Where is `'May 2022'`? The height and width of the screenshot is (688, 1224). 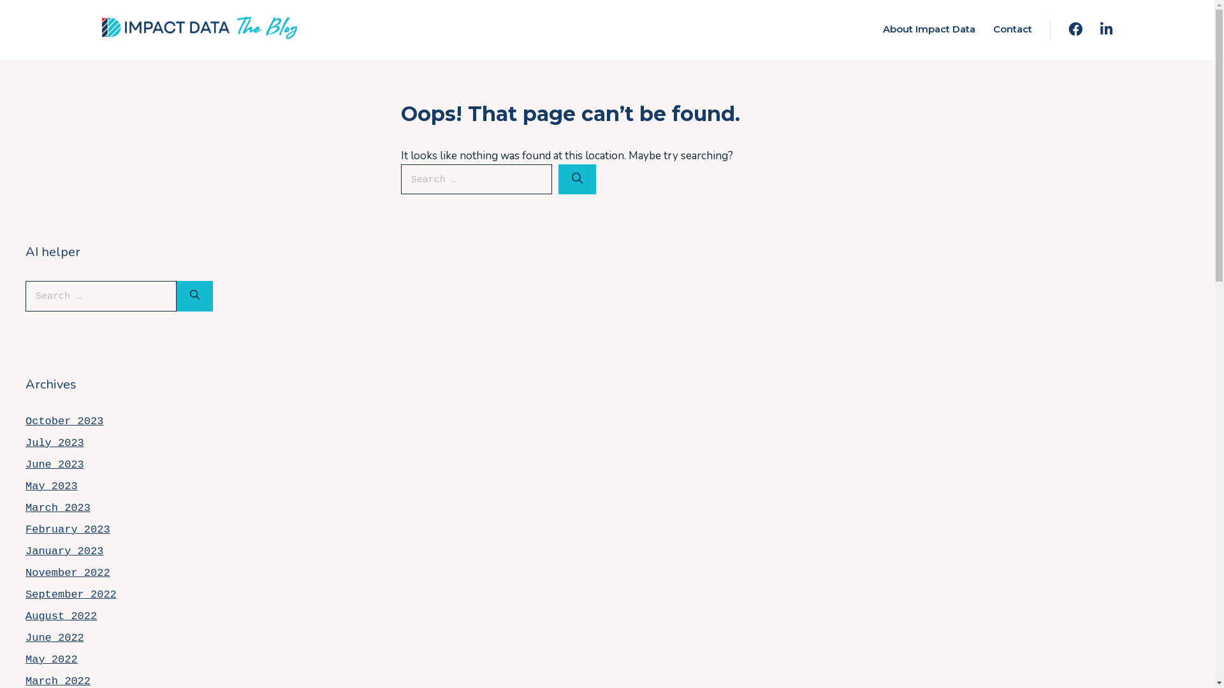 'May 2022' is located at coordinates (51, 659).